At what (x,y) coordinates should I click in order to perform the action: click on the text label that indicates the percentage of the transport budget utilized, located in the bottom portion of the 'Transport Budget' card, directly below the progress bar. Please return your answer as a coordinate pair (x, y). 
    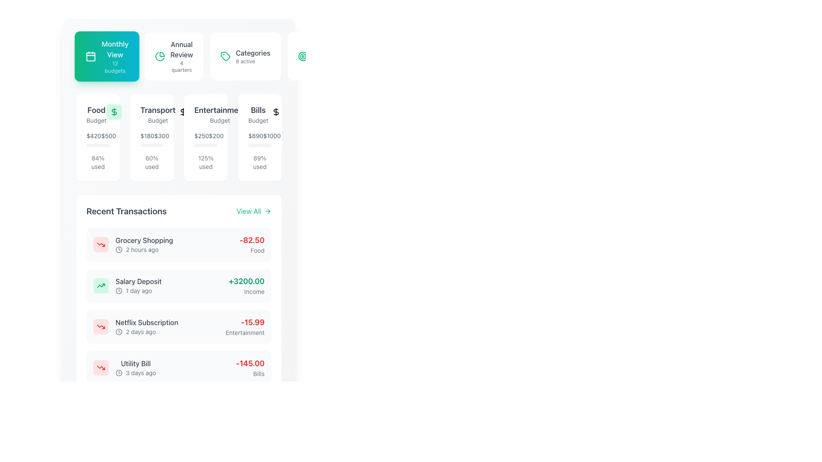
    Looking at the image, I should click on (152, 163).